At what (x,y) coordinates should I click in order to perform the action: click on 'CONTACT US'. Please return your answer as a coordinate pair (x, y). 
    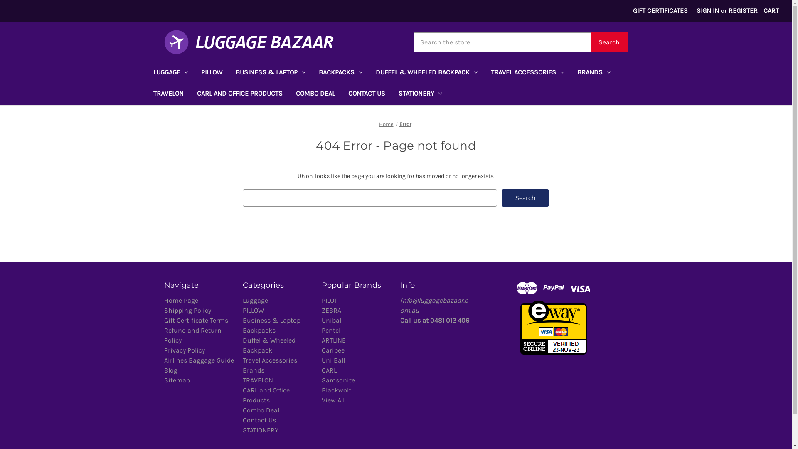
    Looking at the image, I should click on (366, 94).